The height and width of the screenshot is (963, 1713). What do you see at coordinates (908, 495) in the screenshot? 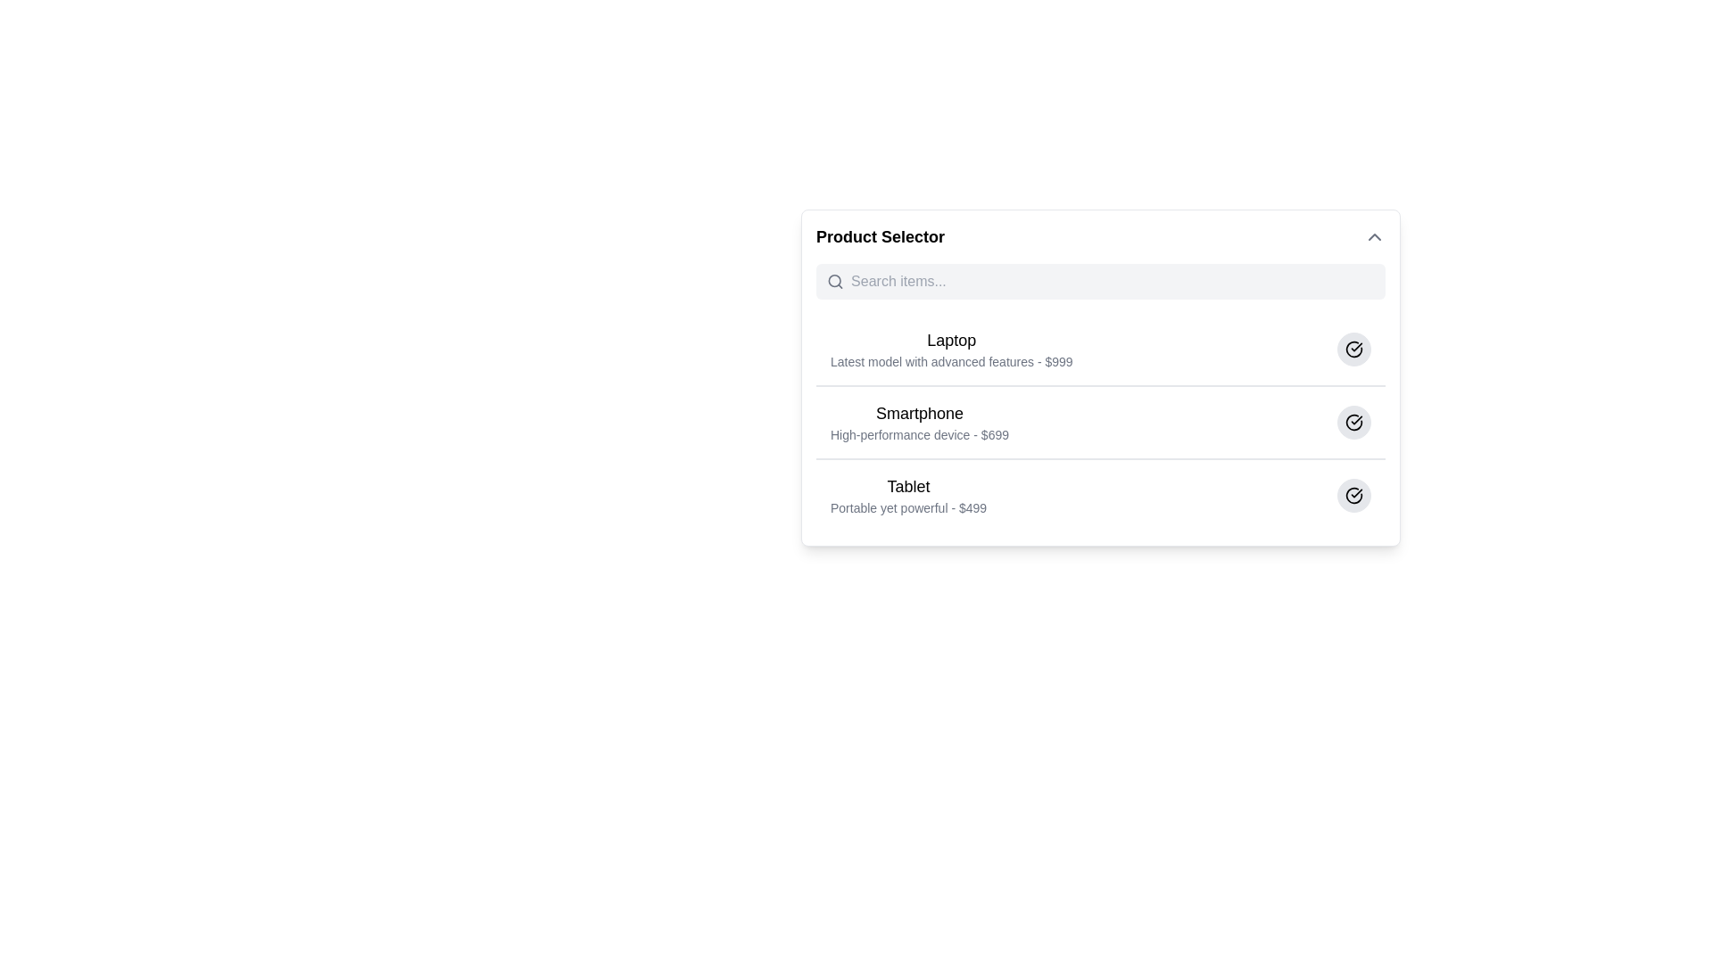
I see `the 'Tablet' product description text block` at bounding box center [908, 495].